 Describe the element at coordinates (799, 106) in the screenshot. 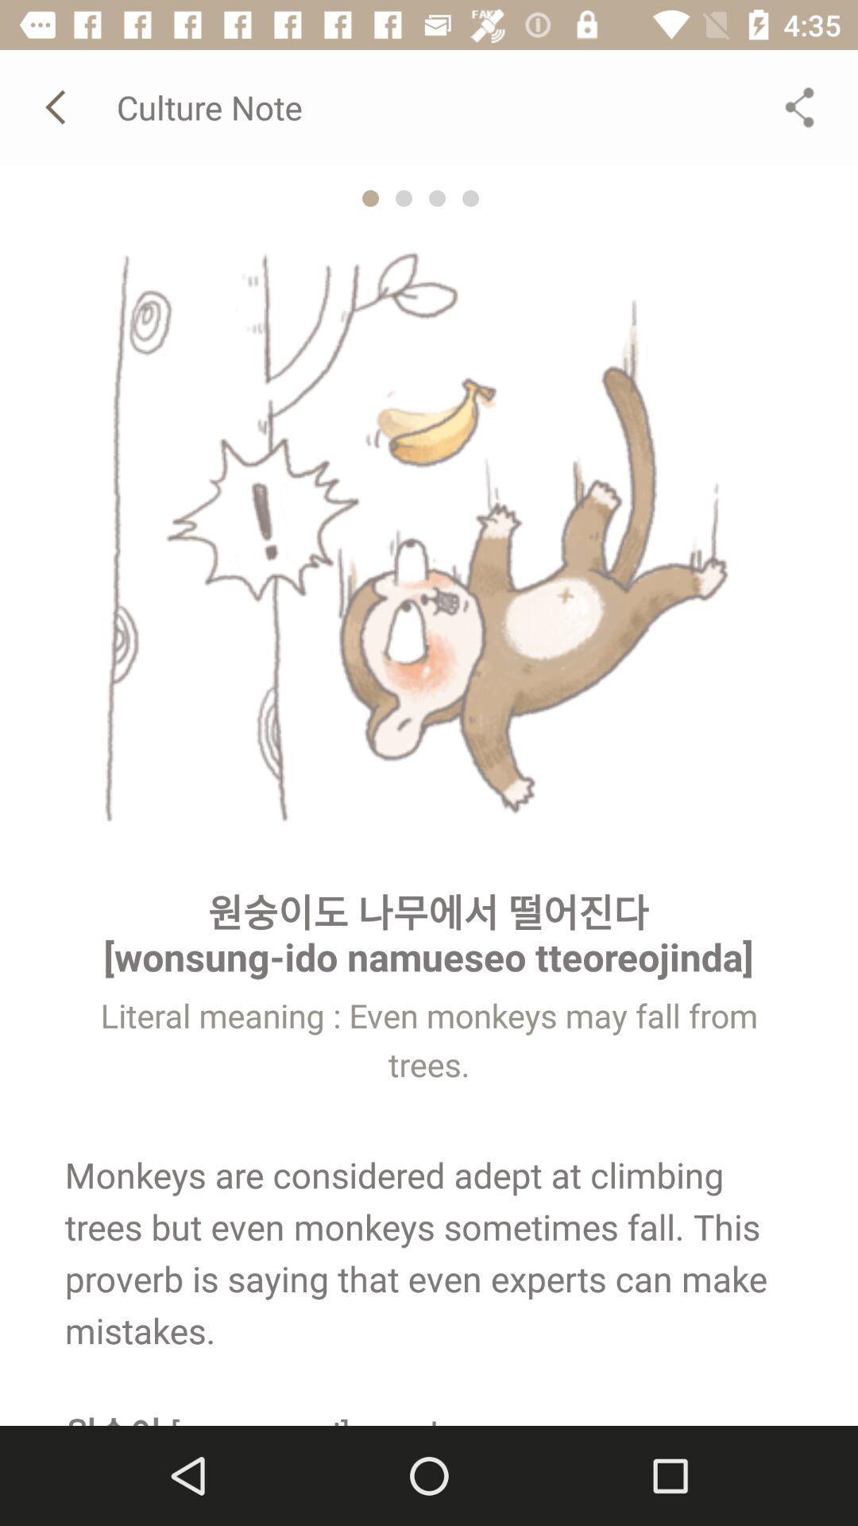

I see `the share icon` at that location.